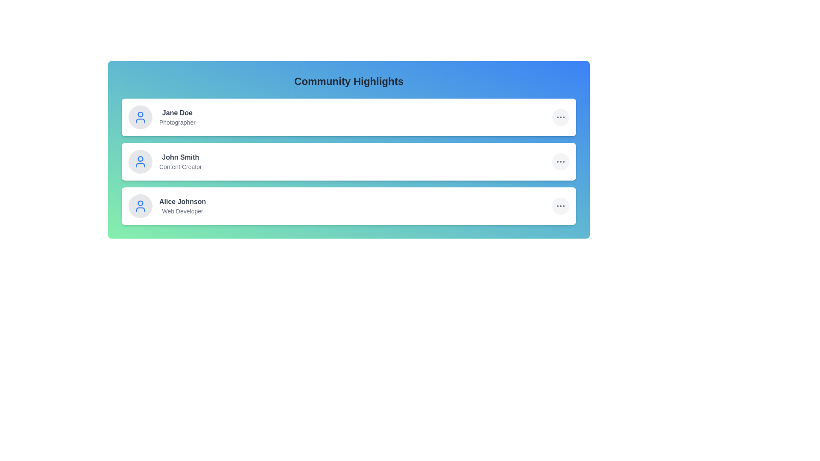 This screenshot has height=461, width=820. I want to click on displayed text in the Text Display element showing 'Alice Johnson' and 'Web Developer', located in the Community Highlights section, aligned to the right of the user avatar, so click(182, 206).